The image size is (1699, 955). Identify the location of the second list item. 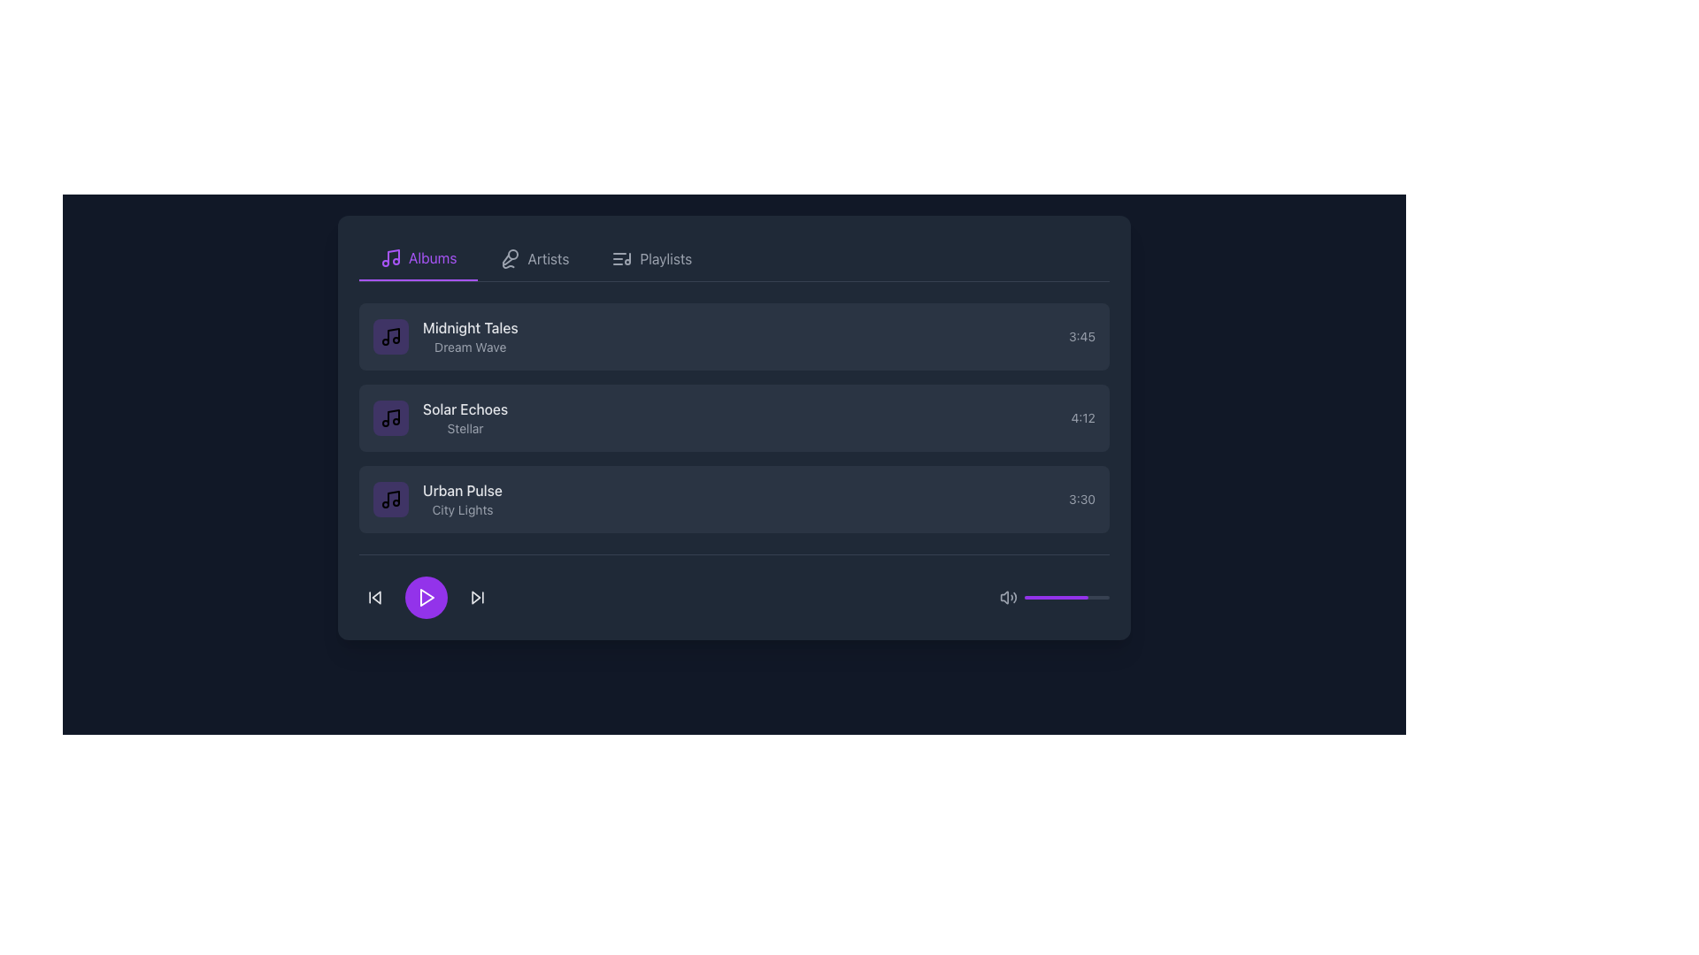
(734, 418).